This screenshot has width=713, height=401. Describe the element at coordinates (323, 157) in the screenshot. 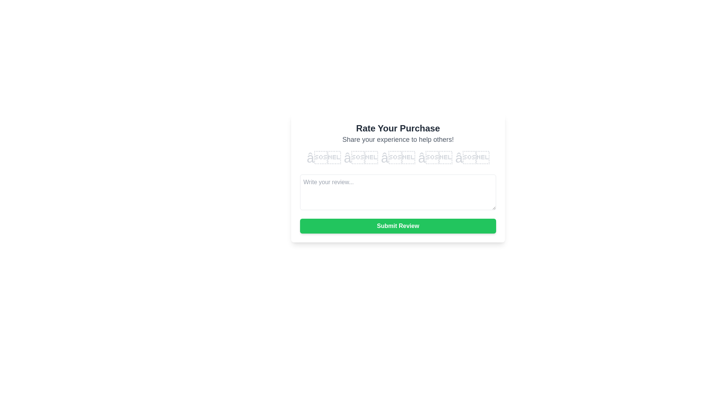

I see `the star corresponding to 1 to preview the rating` at that location.